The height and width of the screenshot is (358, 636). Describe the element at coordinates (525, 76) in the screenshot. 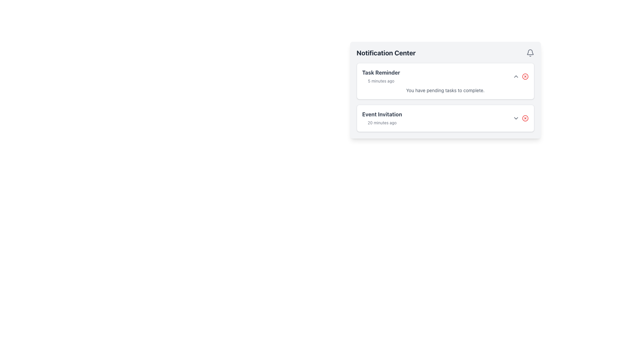

I see `the clickable icon on the right side of the first notification` at that location.